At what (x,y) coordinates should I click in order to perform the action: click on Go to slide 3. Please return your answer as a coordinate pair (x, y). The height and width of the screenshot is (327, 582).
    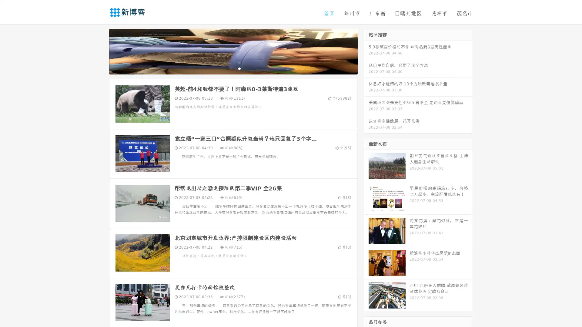
    Looking at the image, I should click on (239, 68).